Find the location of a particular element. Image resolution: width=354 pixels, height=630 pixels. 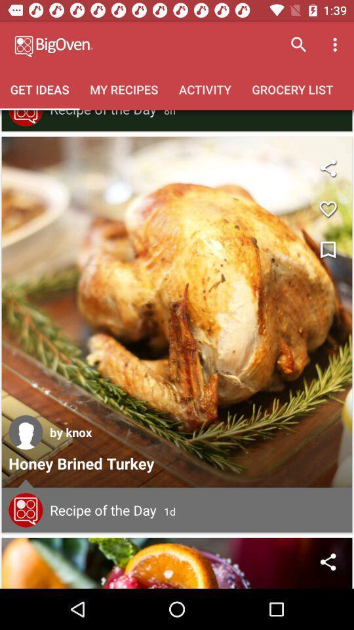

comments section is located at coordinates (26, 509).